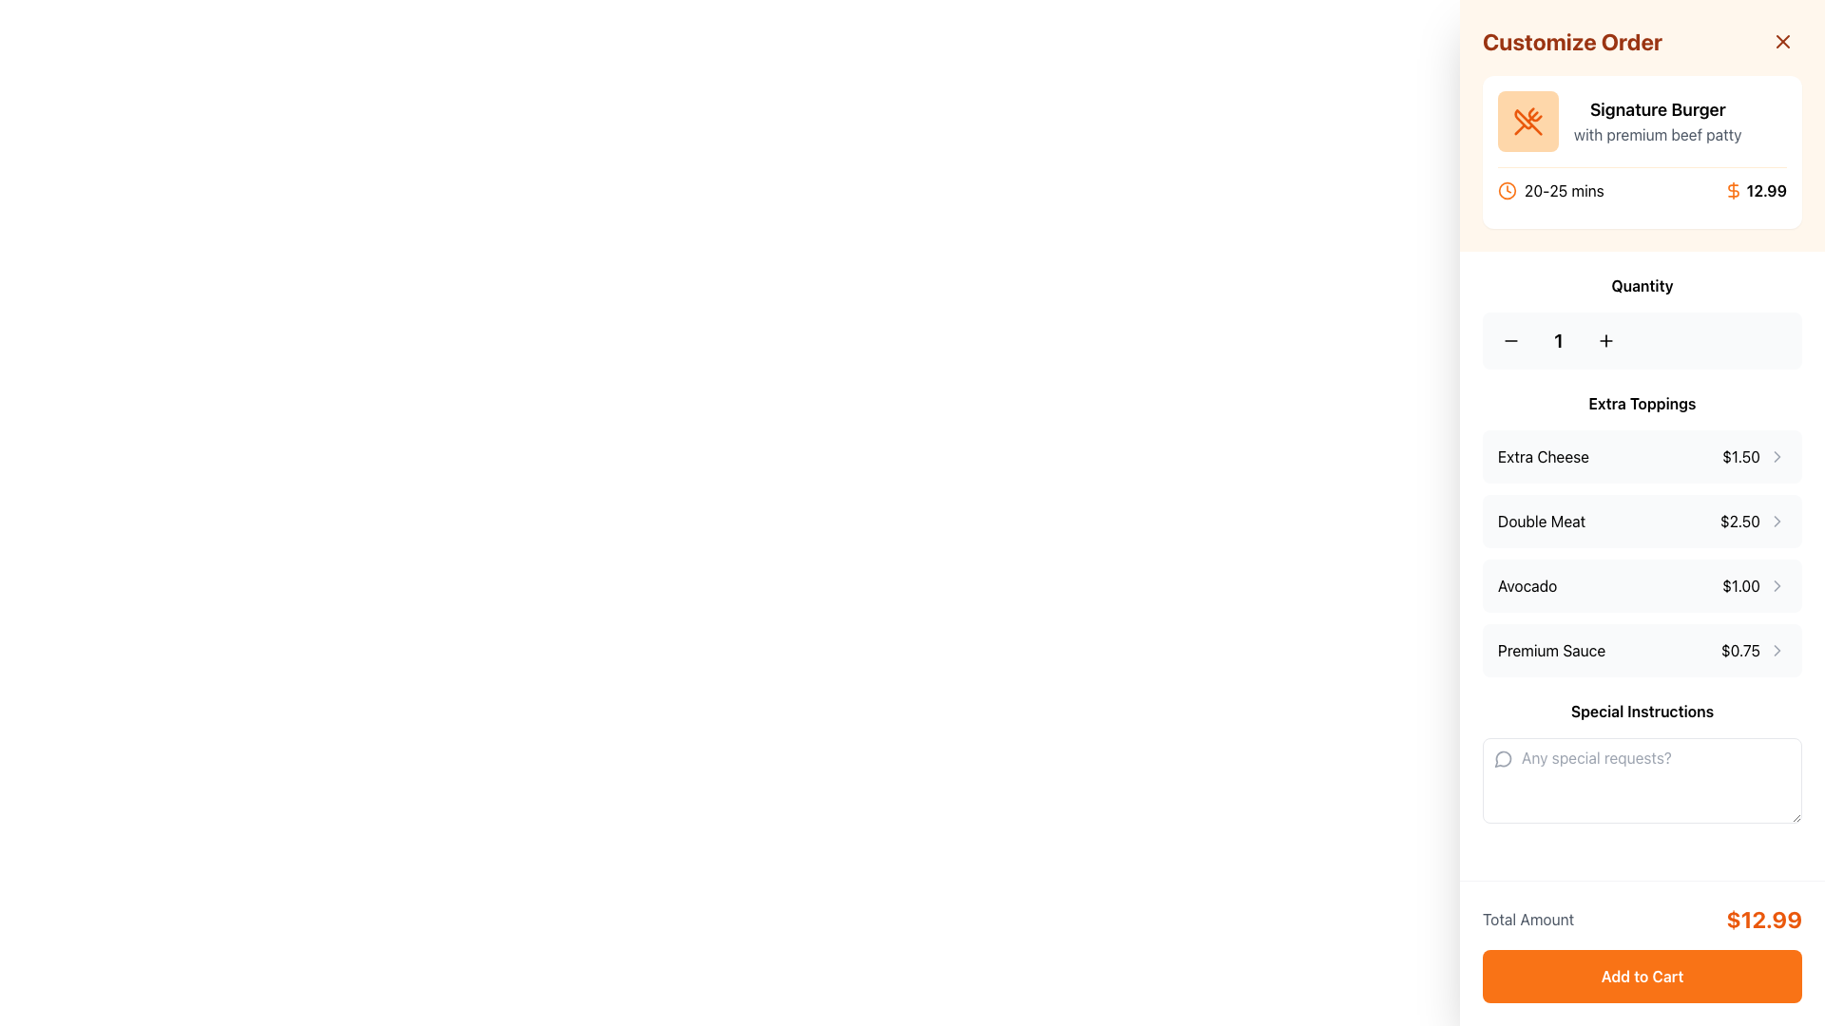 The image size is (1825, 1026). Describe the element at coordinates (1752, 521) in the screenshot. I see `the text element displaying the price '$2.50' with a right-pointing chevron icon, located adjacent to the 'Double Meat' entry in the 'Extra Toppings' section` at that location.